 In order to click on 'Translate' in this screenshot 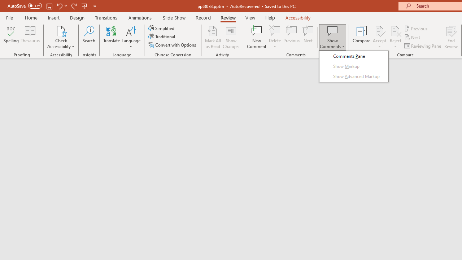, I will do `click(111, 37)`.